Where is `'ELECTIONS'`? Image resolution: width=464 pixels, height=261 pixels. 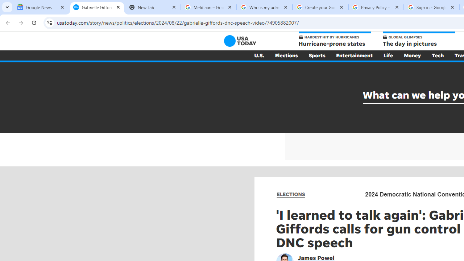
'ELECTIONS' is located at coordinates (291, 194).